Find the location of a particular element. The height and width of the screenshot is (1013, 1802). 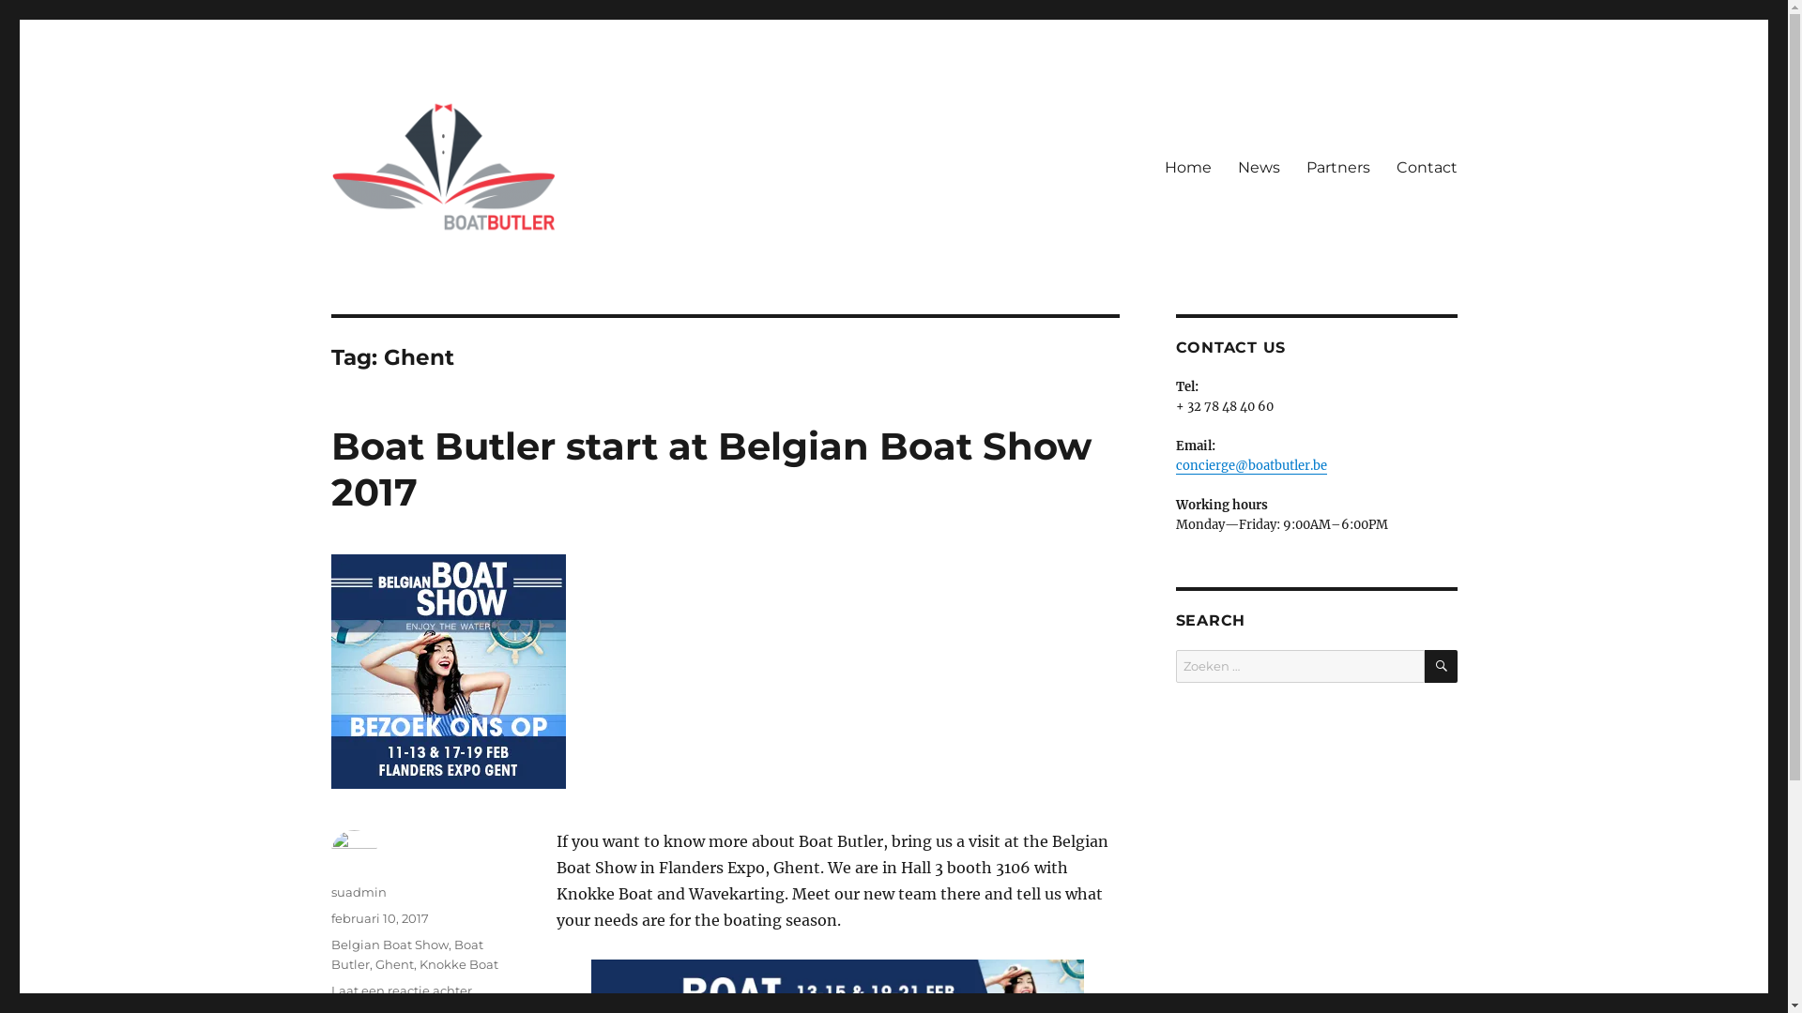

'Contact' is located at coordinates (1427, 165).